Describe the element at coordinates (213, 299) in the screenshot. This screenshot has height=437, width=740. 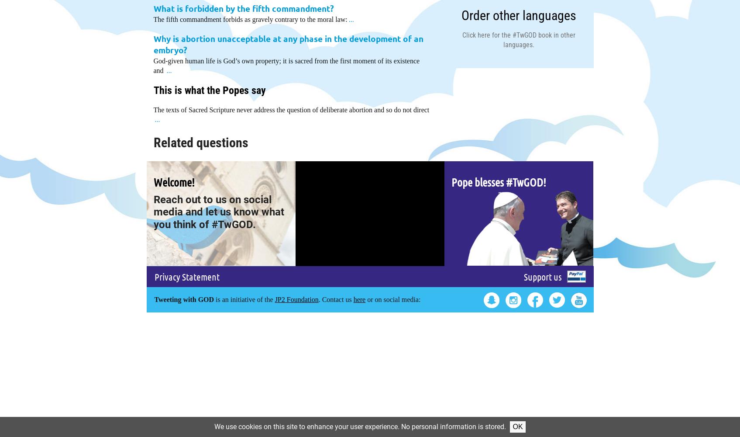
I see `'is an initiative of the'` at that location.